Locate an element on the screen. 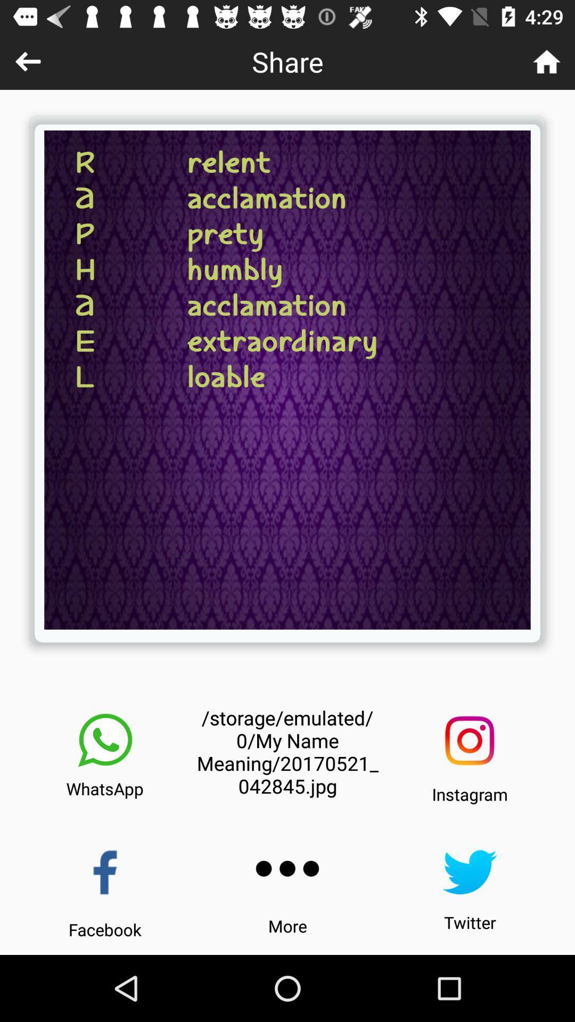 This screenshot has height=1022, width=575. clickable home button is located at coordinates (547, 61).